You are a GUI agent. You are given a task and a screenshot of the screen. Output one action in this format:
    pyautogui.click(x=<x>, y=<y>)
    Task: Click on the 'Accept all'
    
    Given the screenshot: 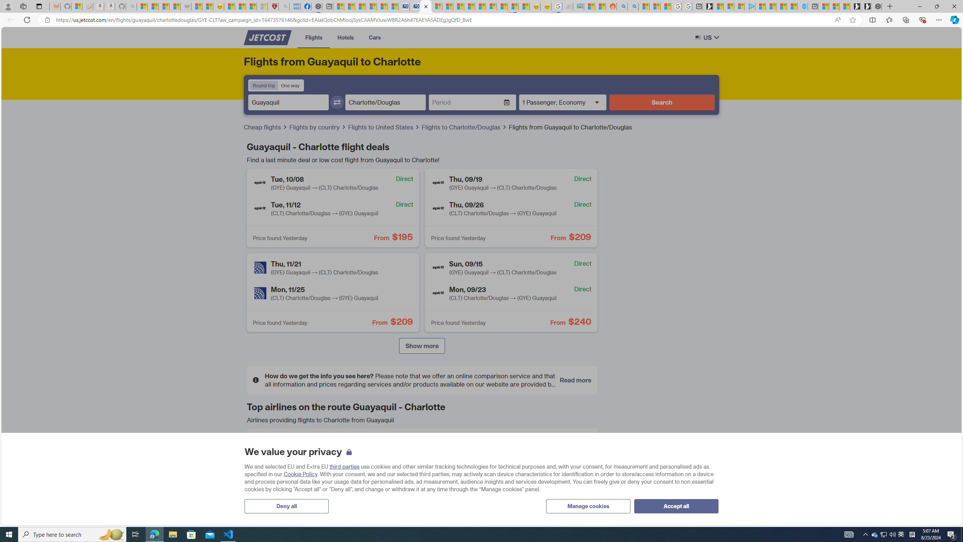 What is the action you would take?
    pyautogui.click(x=676, y=506)
    